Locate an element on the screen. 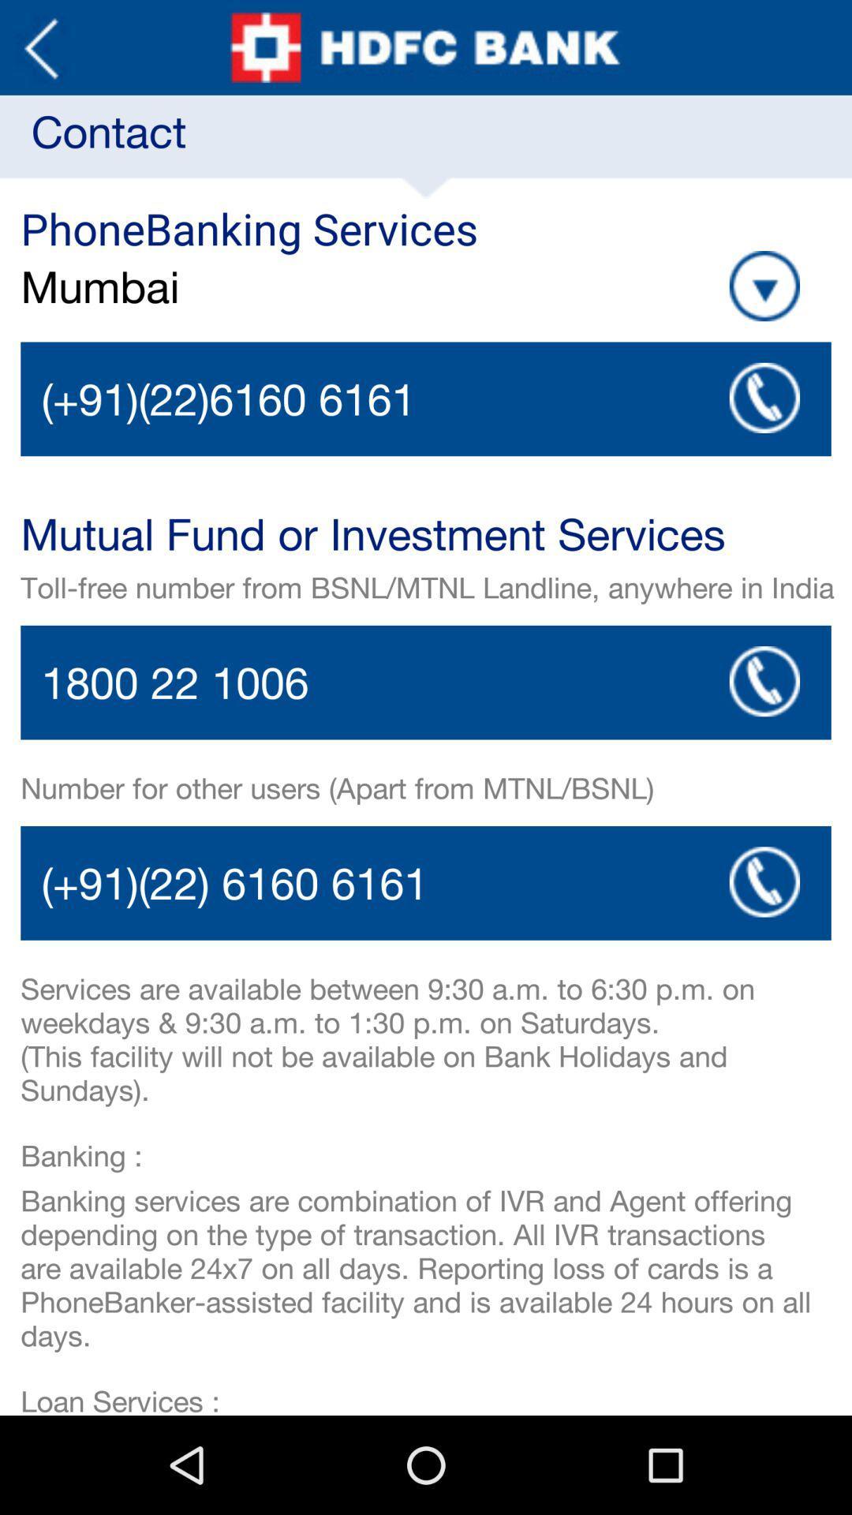 The height and width of the screenshot is (1515, 852). app next to the mumbai icon is located at coordinates (764, 286).